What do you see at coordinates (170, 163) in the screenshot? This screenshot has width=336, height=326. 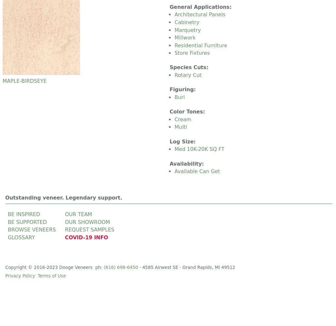 I see `'Availability:'` at bounding box center [170, 163].